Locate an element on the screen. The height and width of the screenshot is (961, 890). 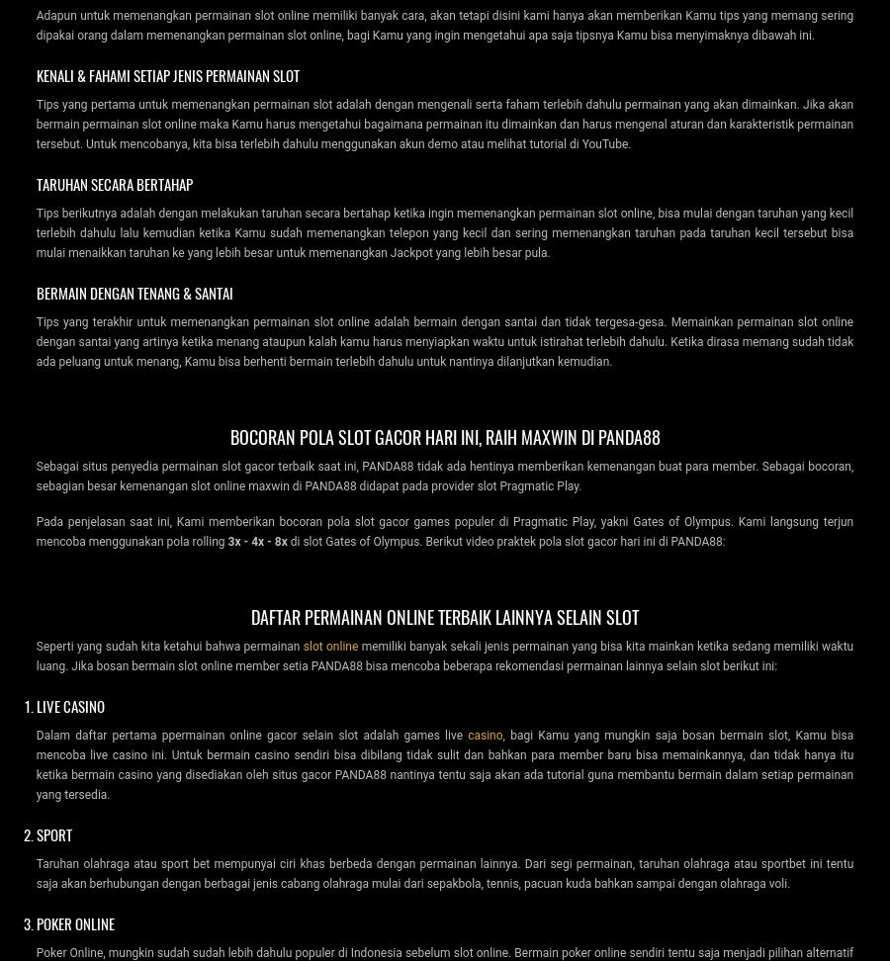
'Tips yang pertama untuk memenangkan permainan slot adalah dengan mengenali serta faham terlebih dahulu permainan yang akan dimainkan. Jika akan bermain permainan slot online maka Kamu harus mengetahui bagaimana permainan itu dimainkan dan harus mengenal aturan dan karakteristik permainan tersebut. Untuk mencobanya, kita bisa terlebih dahulu menggunakan akun demo atau melihat tutorial di YouTube.' is located at coordinates (444, 123).